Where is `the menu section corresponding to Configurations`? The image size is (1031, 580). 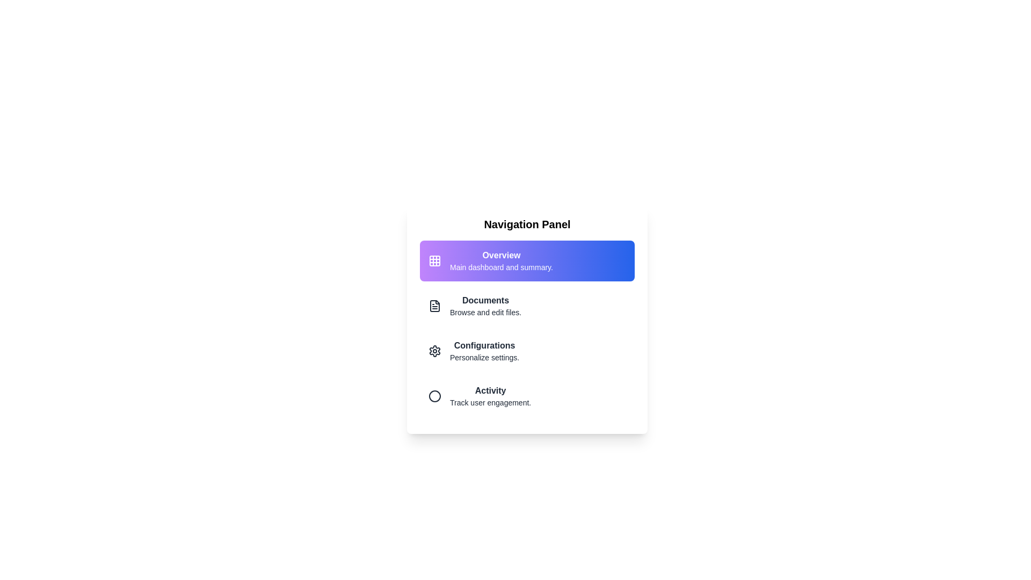
the menu section corresponding to Configurations is located at coordinates (527, 351).